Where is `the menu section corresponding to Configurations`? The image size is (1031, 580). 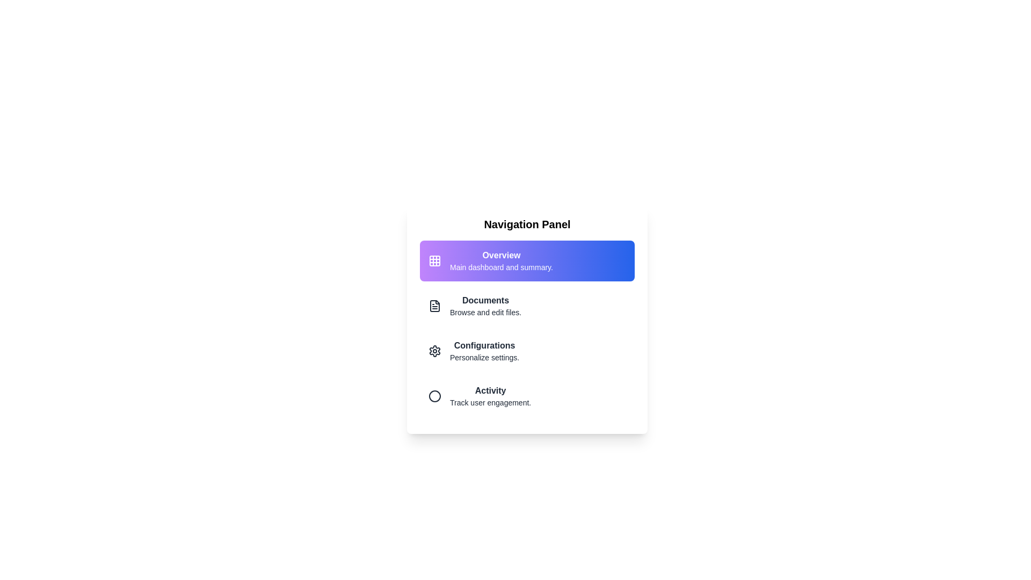
the menu section corresponding to Configurations is located at coordinates (527, 351).